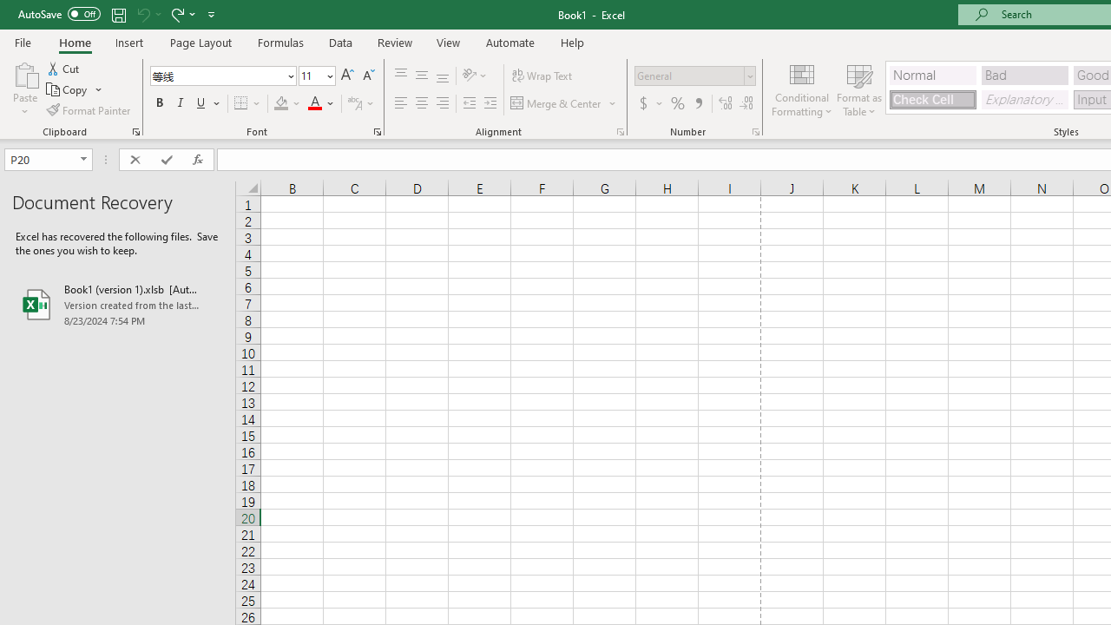 This screenshot has height=625, width=1111. Describe the element at coordinates (240, 103) in the screenshot. I see `'Bottom Border'` at that location.